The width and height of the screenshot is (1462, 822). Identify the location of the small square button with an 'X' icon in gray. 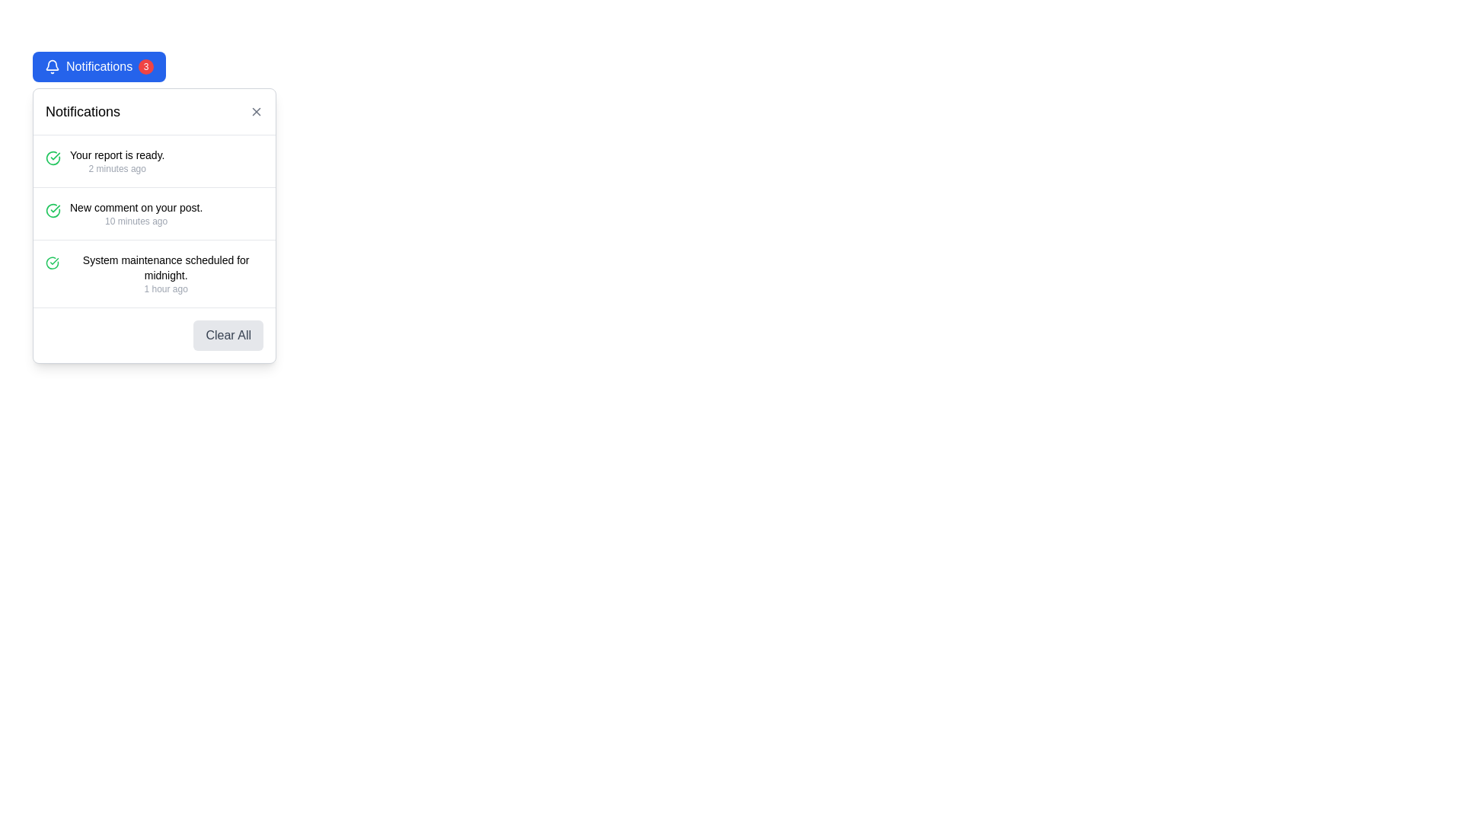
(256, 110).